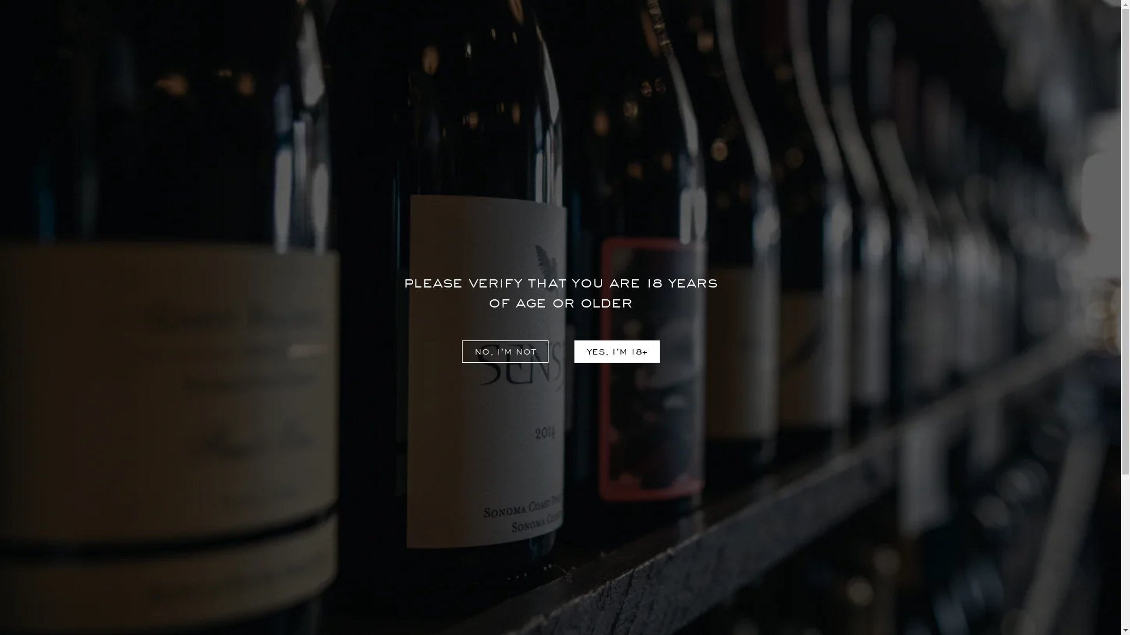  I want to click on 'Books', so click(777, 68).